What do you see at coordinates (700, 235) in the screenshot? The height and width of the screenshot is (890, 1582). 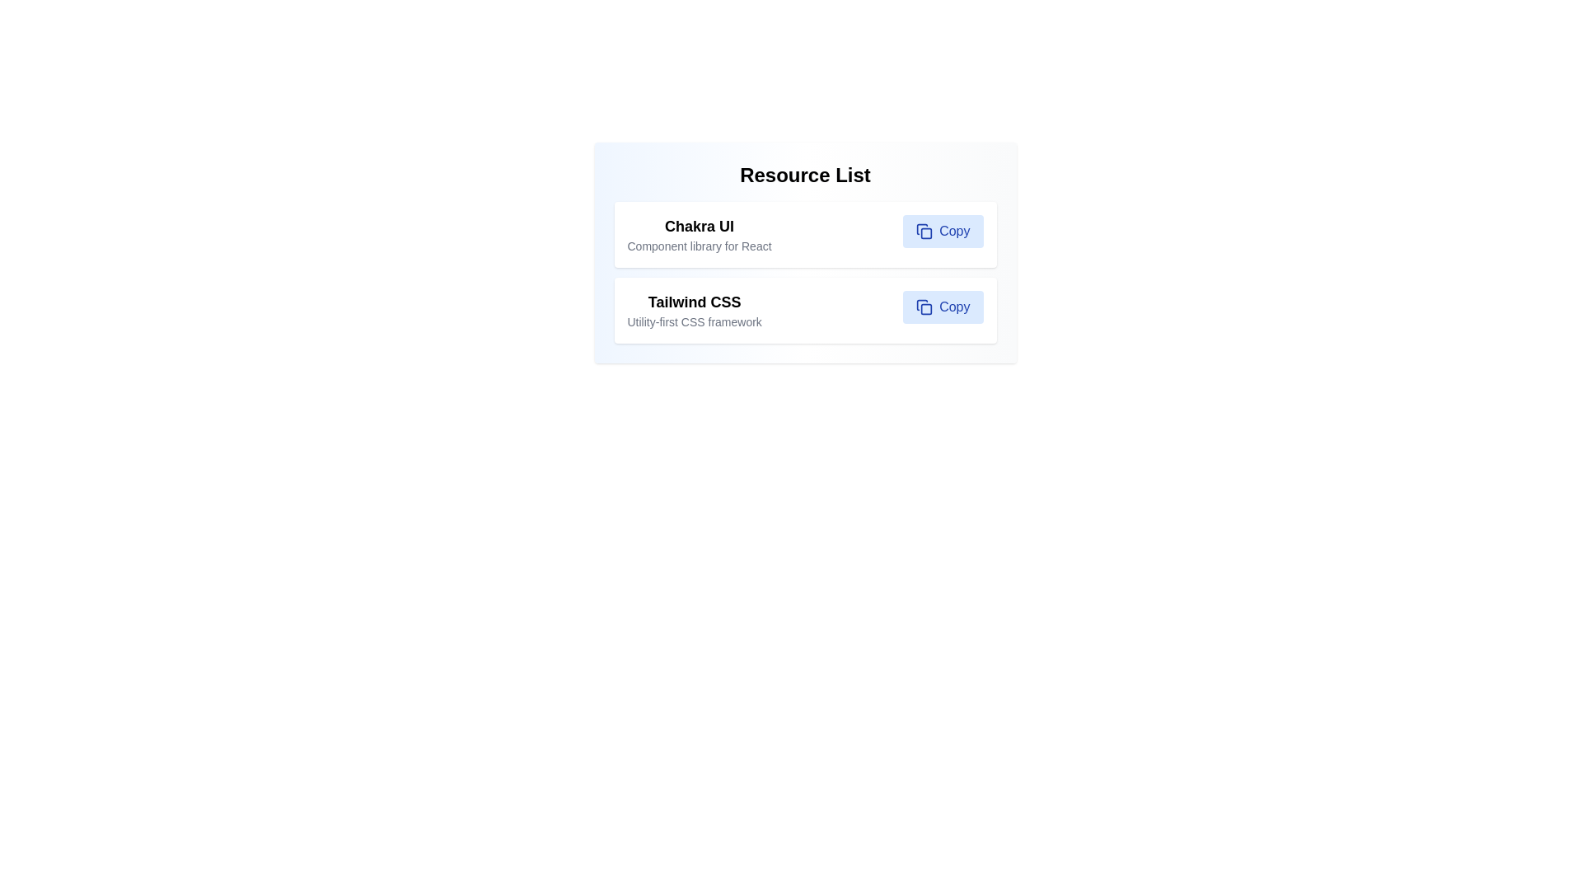 I see `text block titled 'Chakra UI' which contains two lines of formatted text; the first line is bold and larger, and the second line reads 'Component library for React'` at bounding box center [700, 235].